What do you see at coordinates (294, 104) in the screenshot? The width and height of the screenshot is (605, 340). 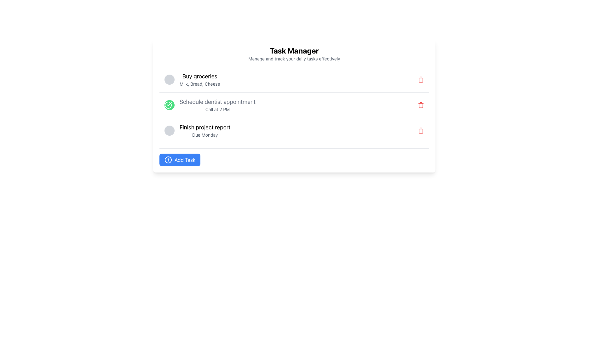 I see `the completed task item in the task manager application` at bounding box center [294, 104].